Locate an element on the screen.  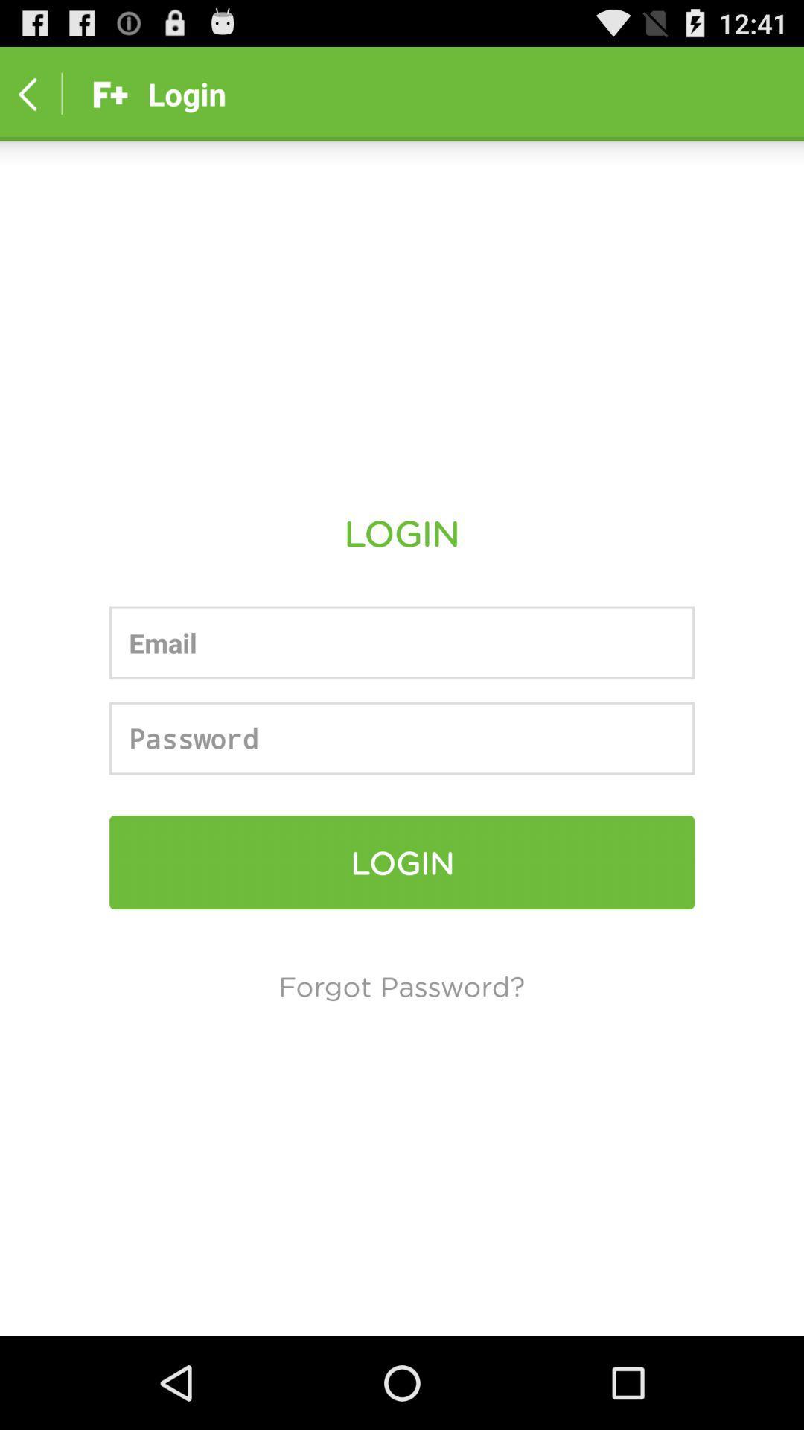
the forgot password? icon is located at coordinates (401, 985).